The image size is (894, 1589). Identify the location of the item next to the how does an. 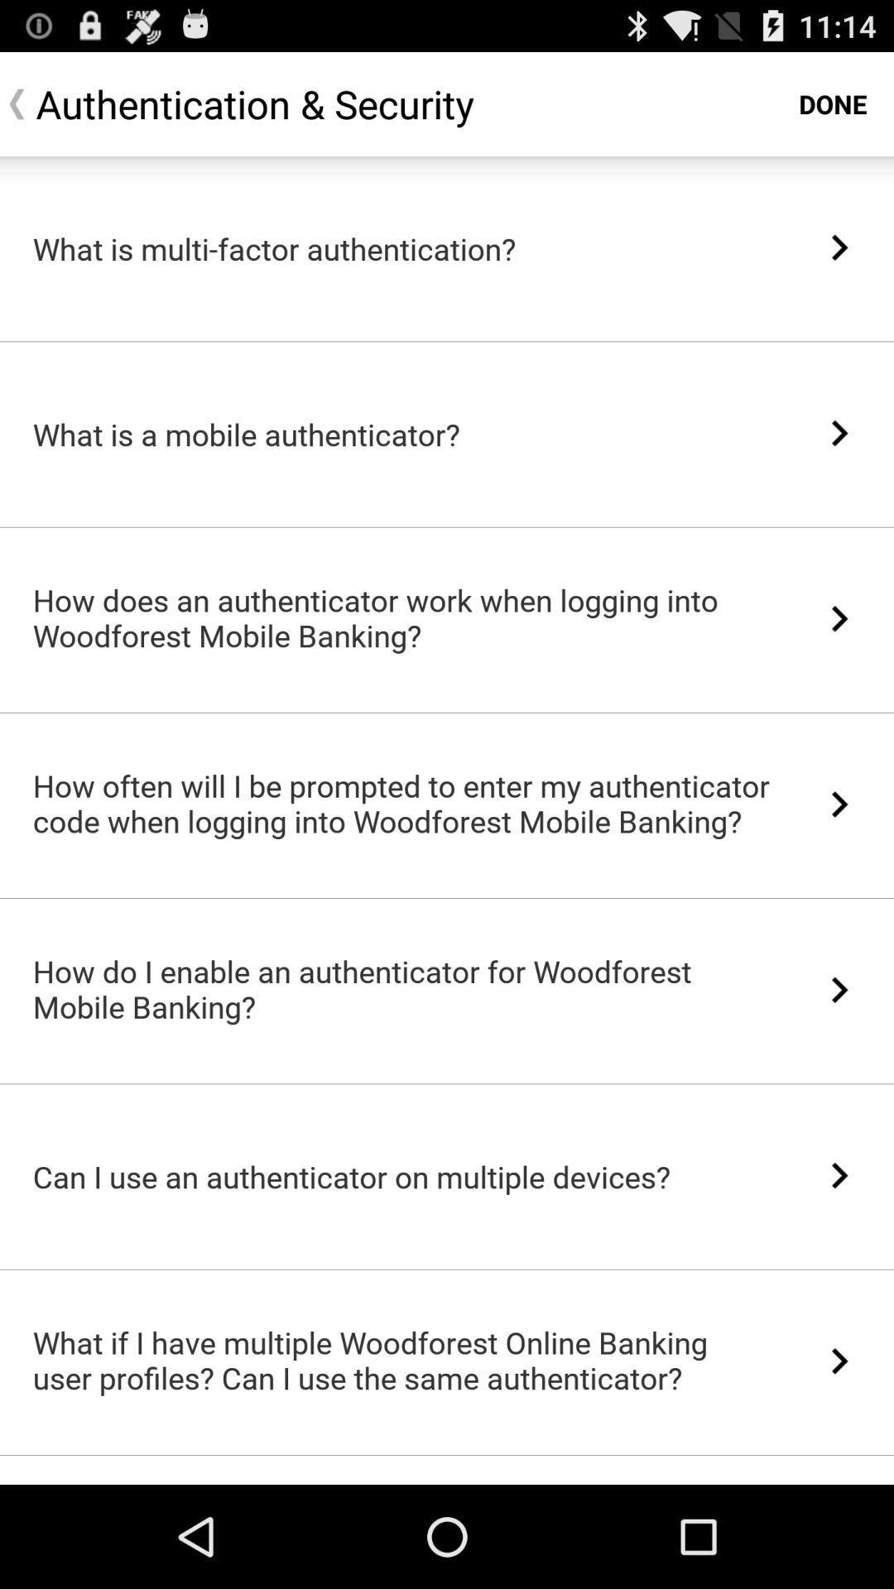
(839, 617).